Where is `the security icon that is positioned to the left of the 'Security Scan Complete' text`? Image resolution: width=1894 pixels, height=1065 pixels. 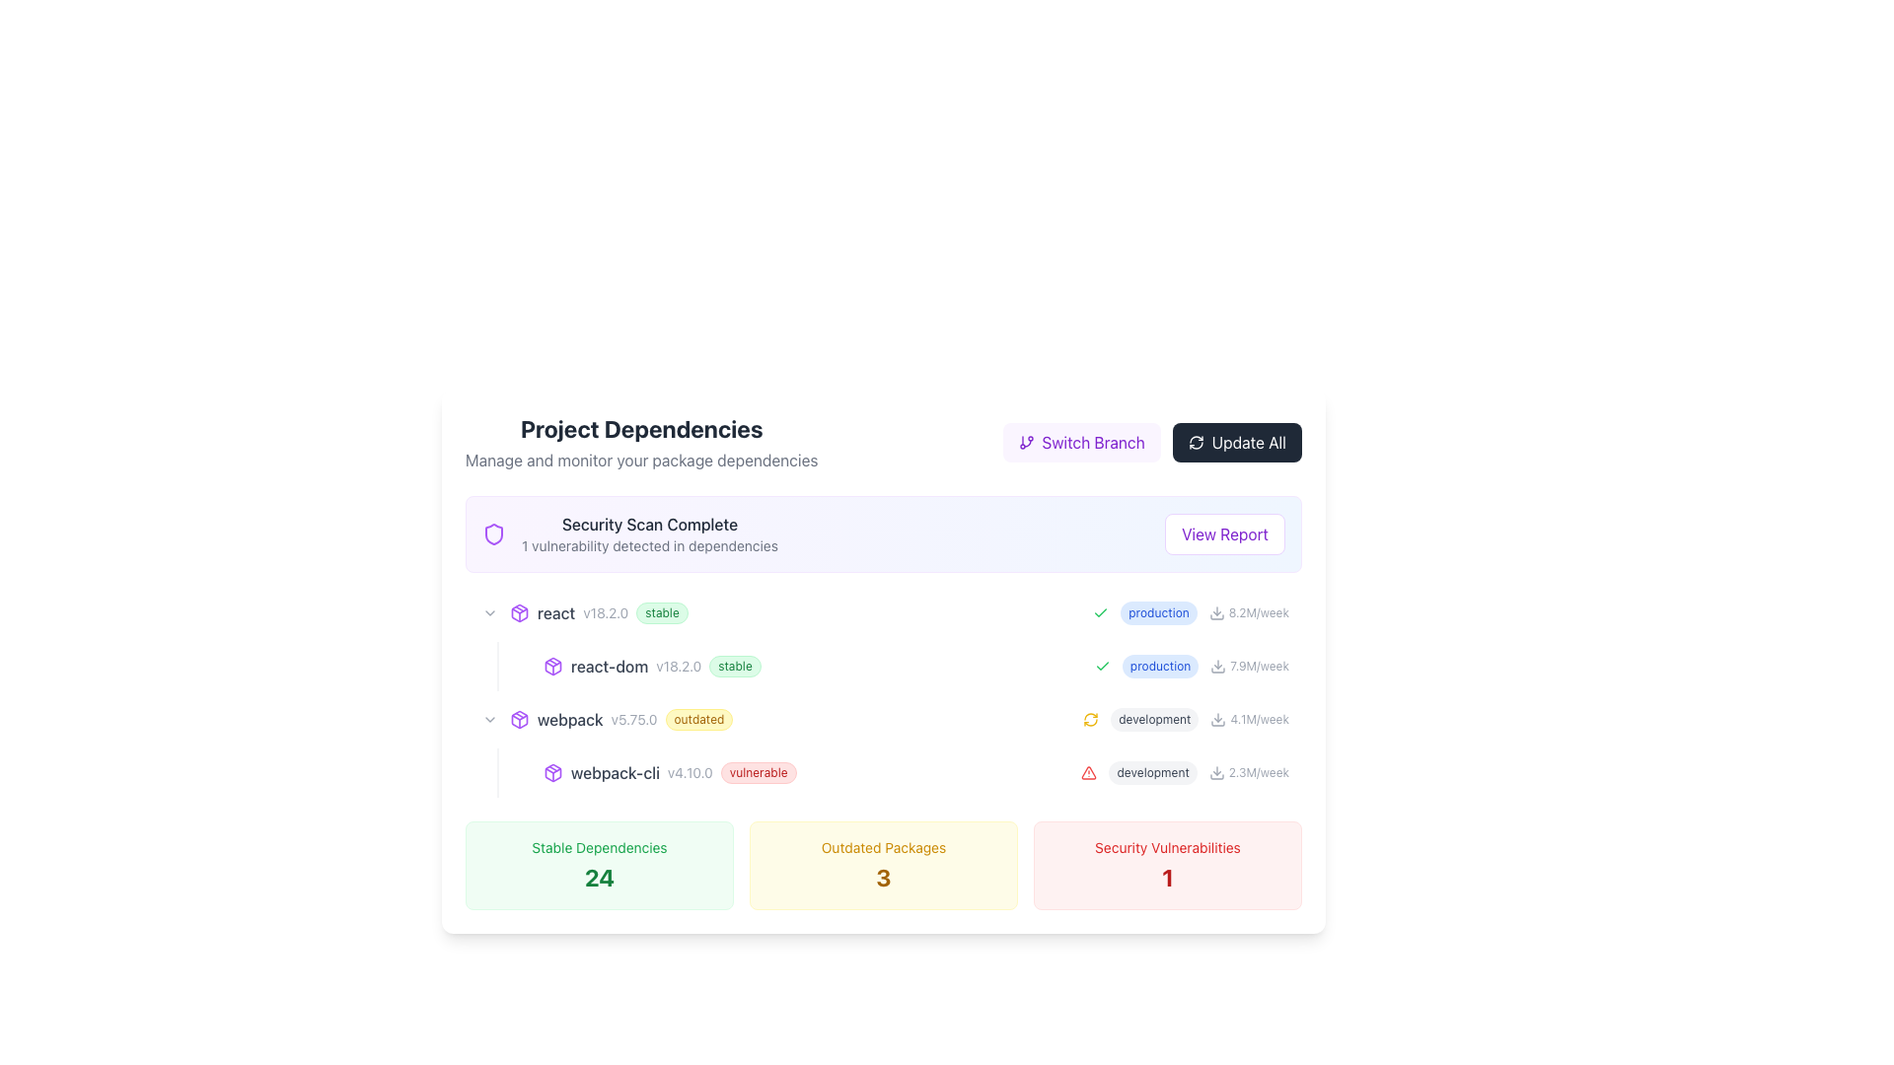
the security icon that is positioned to the left of the 'Security Scan Complete' text is located at coordinates (493, 534).